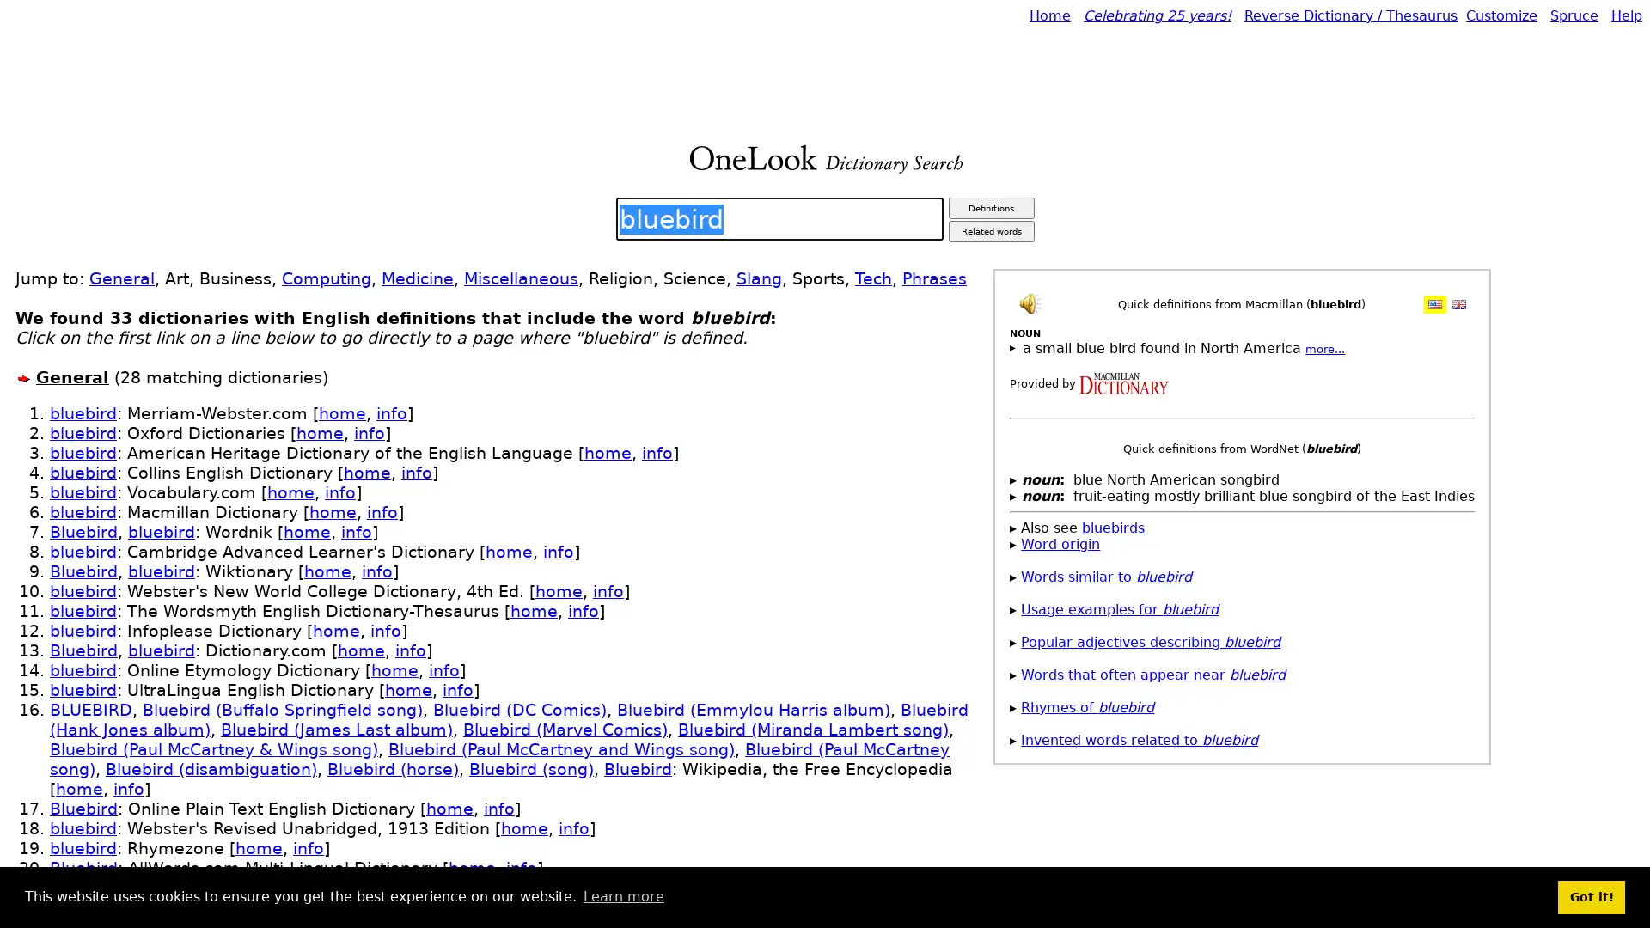 This screenshot has height=928, width=1650. Describe the element at coordinates (990, 207) in the screenshot. I see `Definitions` at that location.